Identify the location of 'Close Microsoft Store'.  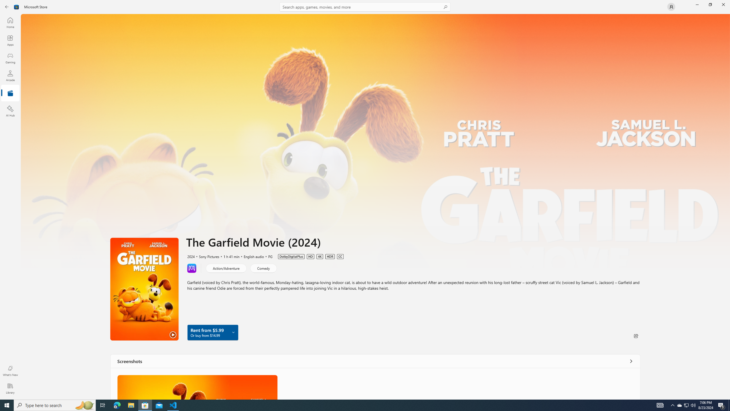
(723, 4).